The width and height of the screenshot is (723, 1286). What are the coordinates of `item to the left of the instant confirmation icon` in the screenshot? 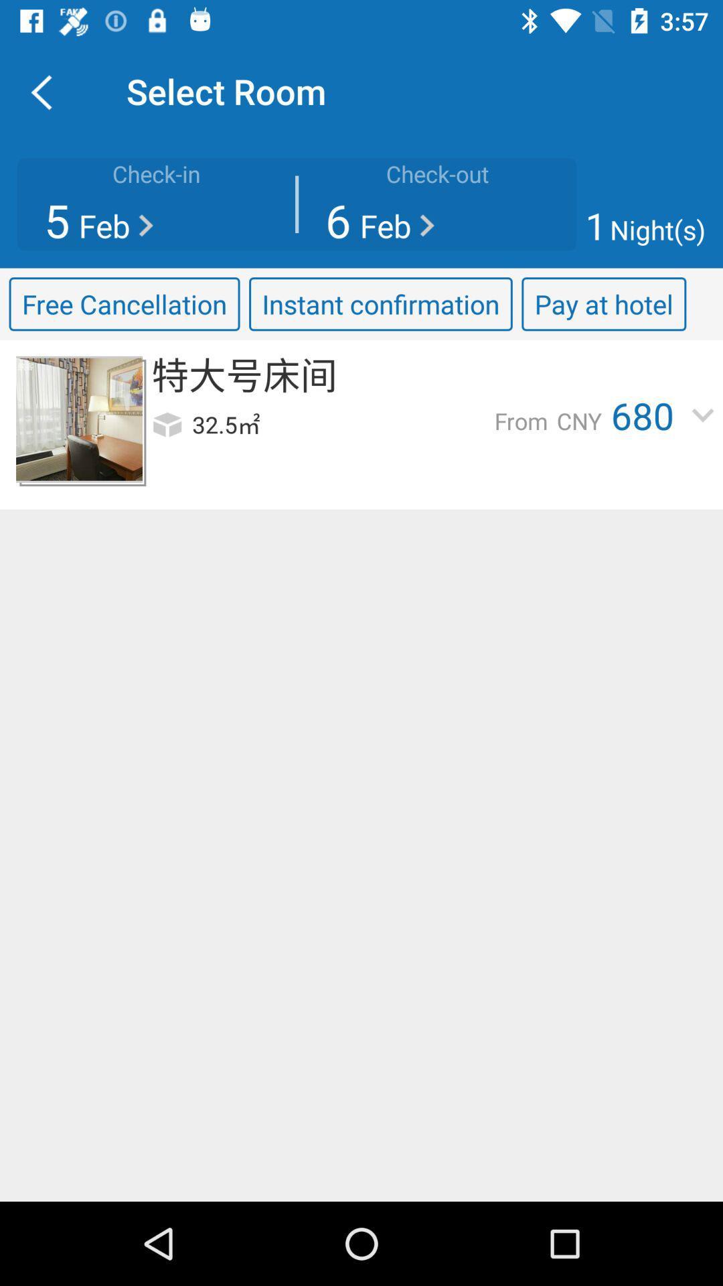 It's located at (124, 303).